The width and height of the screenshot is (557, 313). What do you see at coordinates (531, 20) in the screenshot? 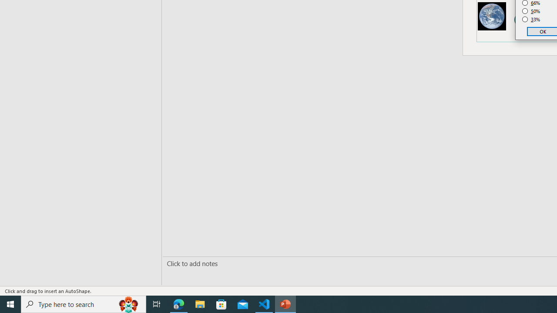
I see `'33%'` at bounding box center [531, 20].